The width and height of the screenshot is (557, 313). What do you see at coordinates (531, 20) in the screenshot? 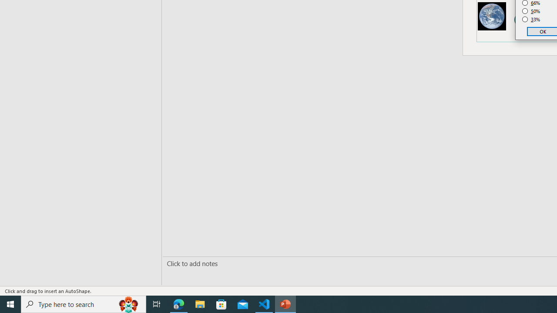
I see `'33%'` at bounding box center [531, 20].